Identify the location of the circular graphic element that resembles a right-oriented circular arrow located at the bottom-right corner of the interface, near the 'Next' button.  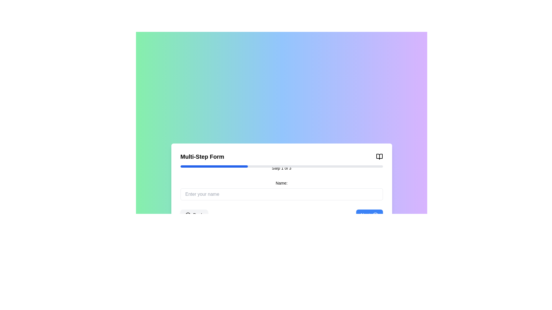
(375, 215).